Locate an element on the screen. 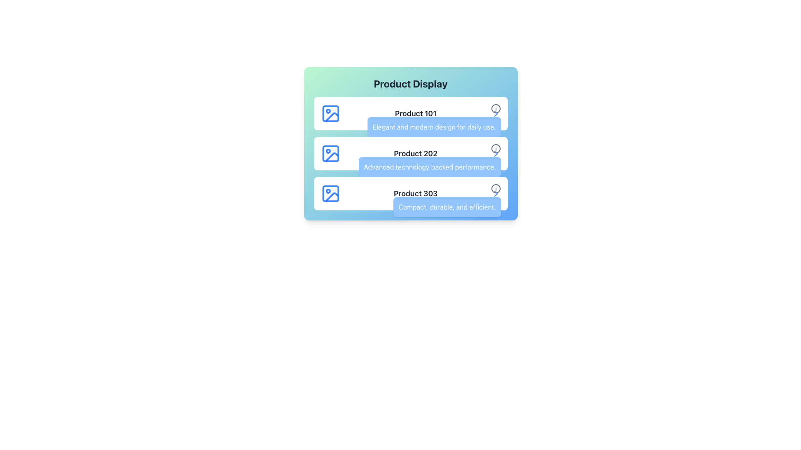  the rightward-pointing chevron button adjacent to the informational icon in the 'Product Display' section is located at coordinates (496, 154).